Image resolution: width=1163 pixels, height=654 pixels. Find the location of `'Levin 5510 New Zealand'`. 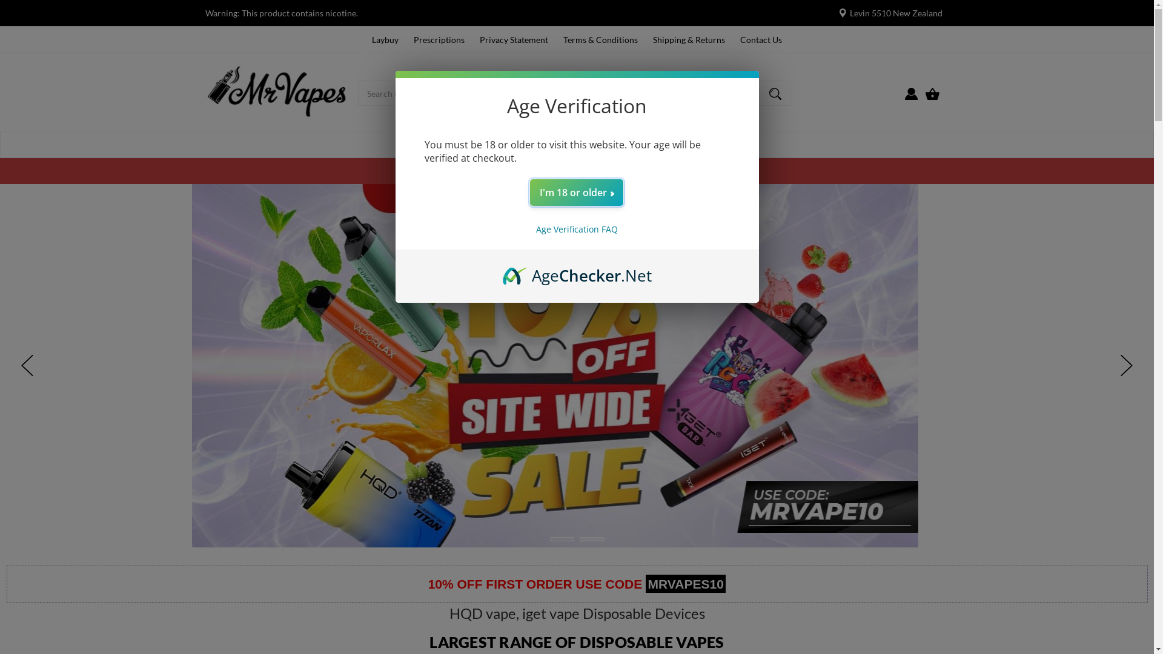

'Levin 5510 New Zealand' is located at coordinates (848, 13).